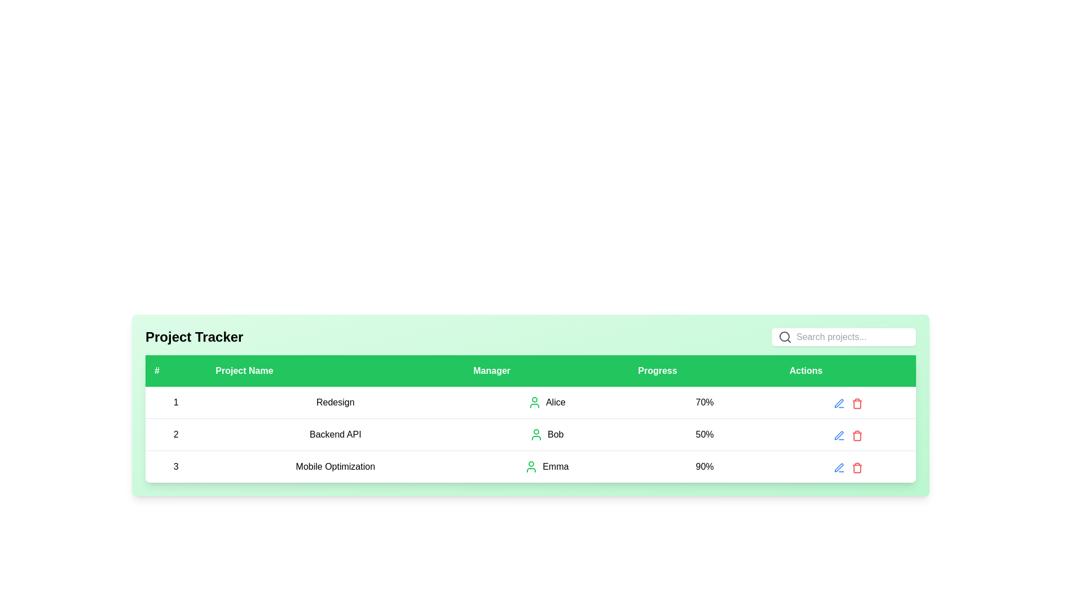 The image size is (1083, 609). I want to click on the text input box with the placeholder 'Search projects...' to focus and begin typing a query, so click(853, 336).